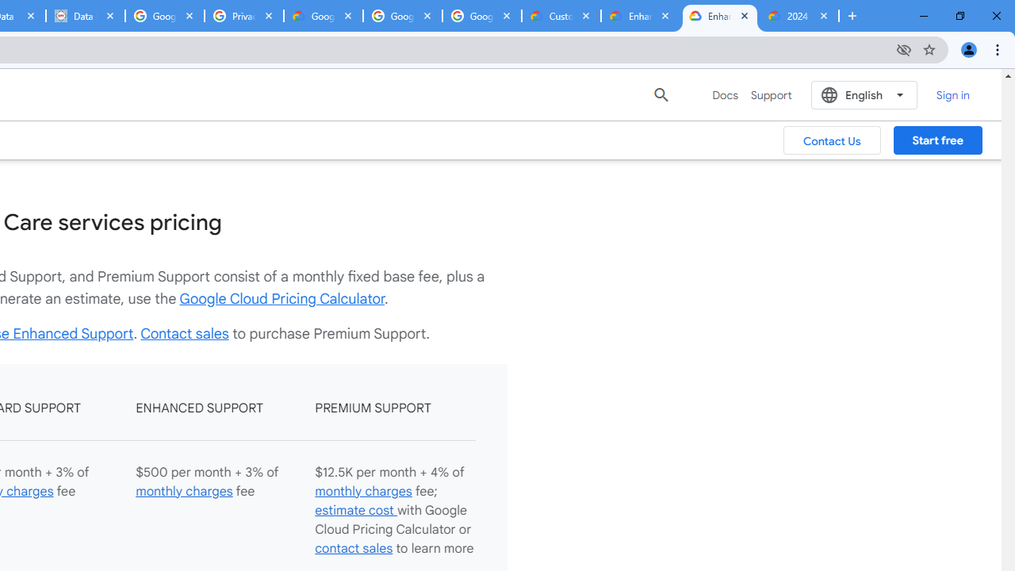 The width and height of the screenshot is (1015, 571). Describe the element at coordinates (353, 547) in the screenshot. I see `'contact sales'` at that location.